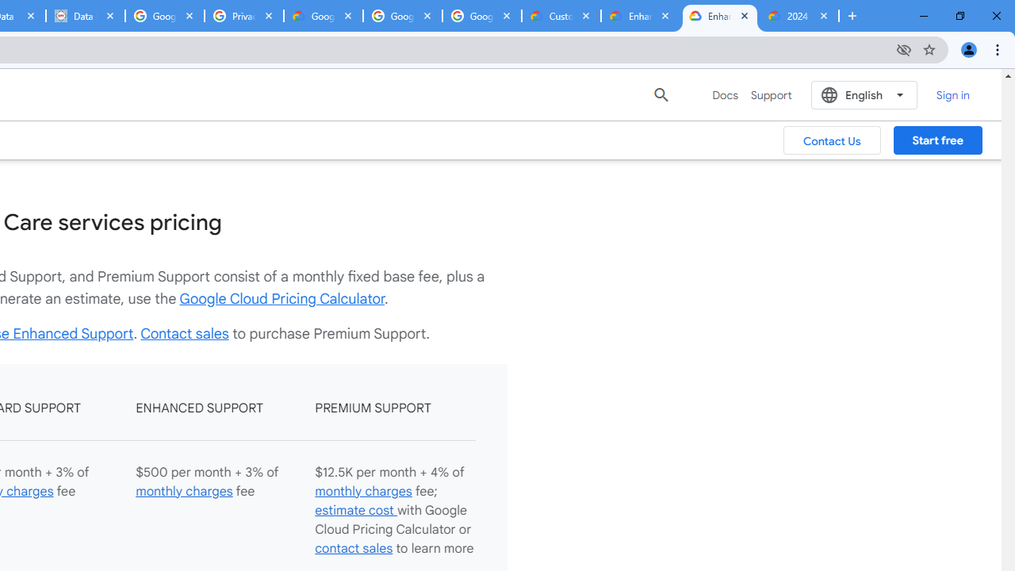 The width and height of the screenshot is (1015, 571). Describe the element at coordinates (353, 547) in the screenshot. I see `'contact sales'` at that location.